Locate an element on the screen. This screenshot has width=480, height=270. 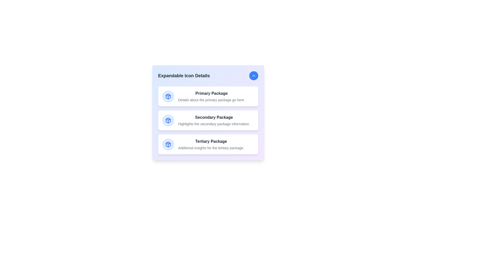
text content in the 'Tertiary Package' text block, which is the third item in a vertically aligned list, located between the 'Secondary Package' and the bottom margin of its containing card is located at coordinates (211, 144).